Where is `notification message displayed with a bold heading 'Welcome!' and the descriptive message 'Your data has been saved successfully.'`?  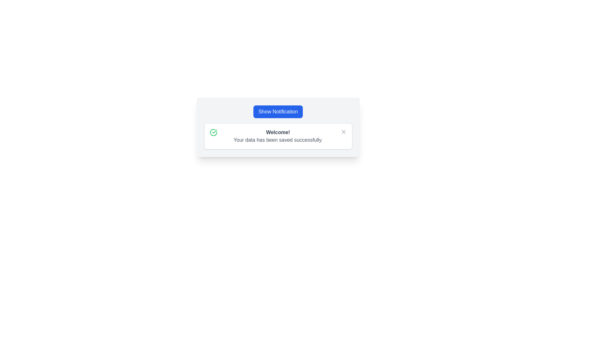 notification message displayed with a bold heading 'Welcome!' and the descriptive message 'Your data has been saved successfully.' is located at coordinates (278, 136).